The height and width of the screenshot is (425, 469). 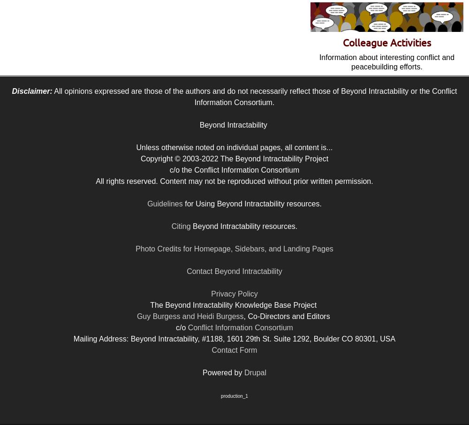 What do you see at coordinates (182, 327) in the screenshot?
I see `'c/o'` at bounding box center [182, 327].